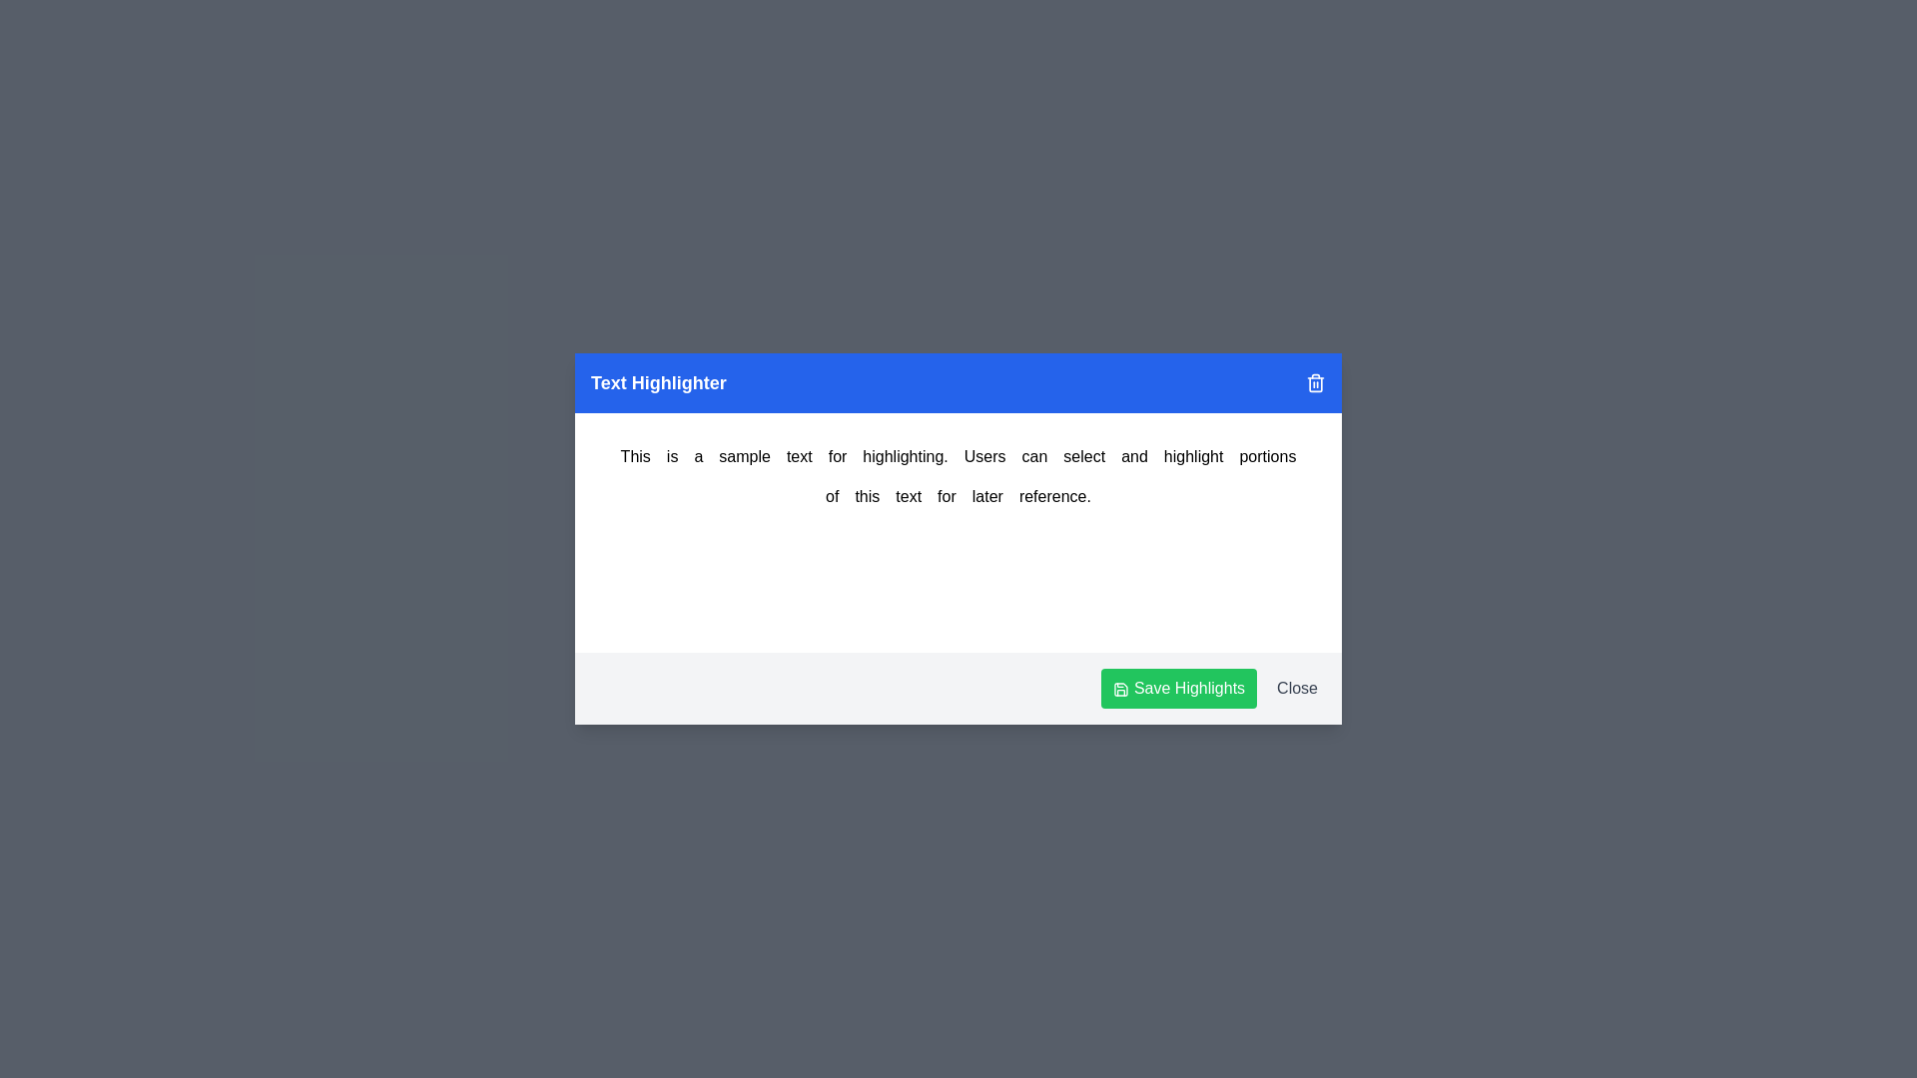 The height and width of the screenshot is (1078, 1917). I want to click on 'Save Highlights' button to save the highlighted text, so click(1178, 688).